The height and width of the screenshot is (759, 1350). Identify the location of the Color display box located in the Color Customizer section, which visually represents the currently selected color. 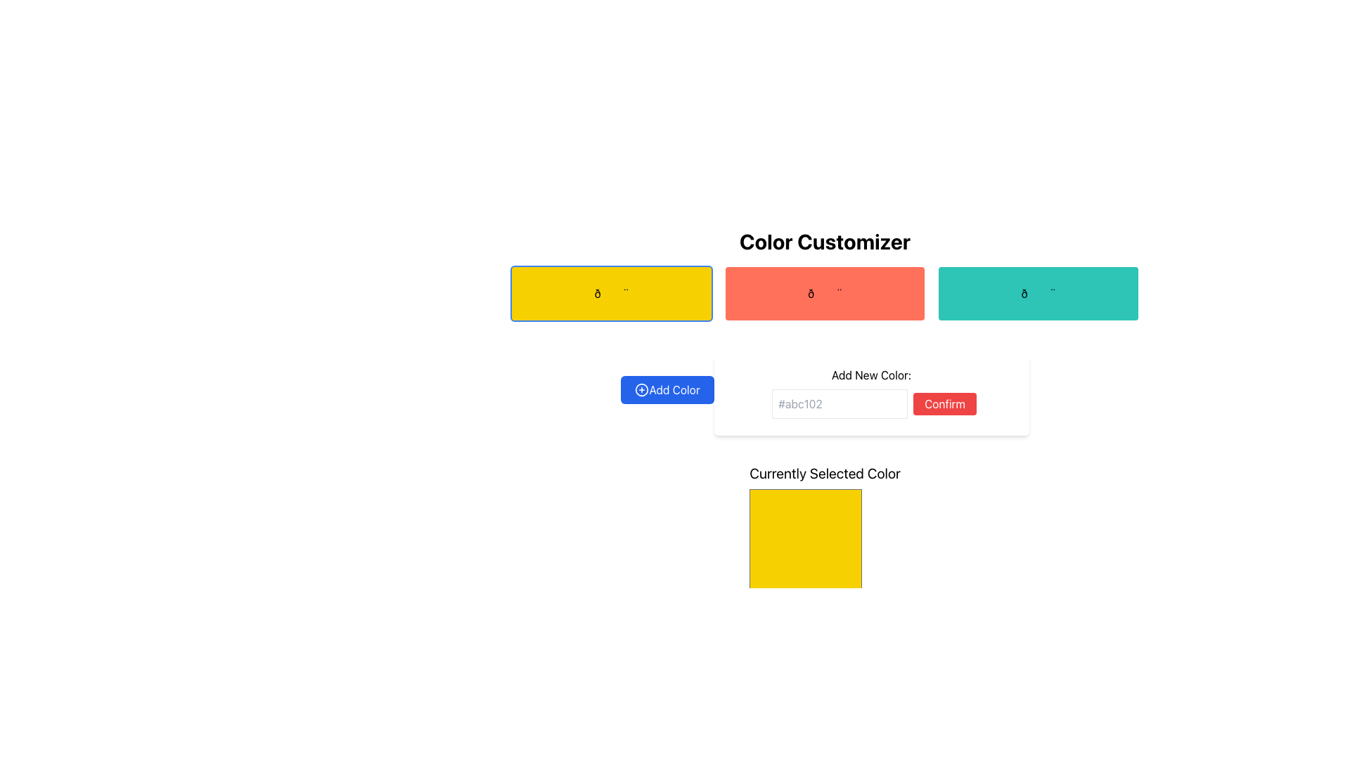
(825, 533).